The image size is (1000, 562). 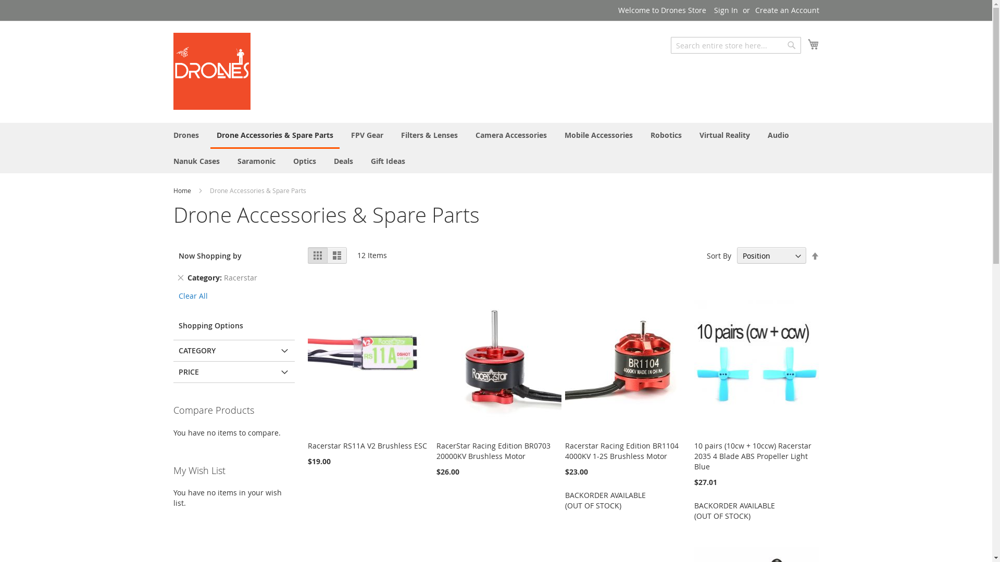 I want to click on 'Sign In', so click(x=712, y=10).